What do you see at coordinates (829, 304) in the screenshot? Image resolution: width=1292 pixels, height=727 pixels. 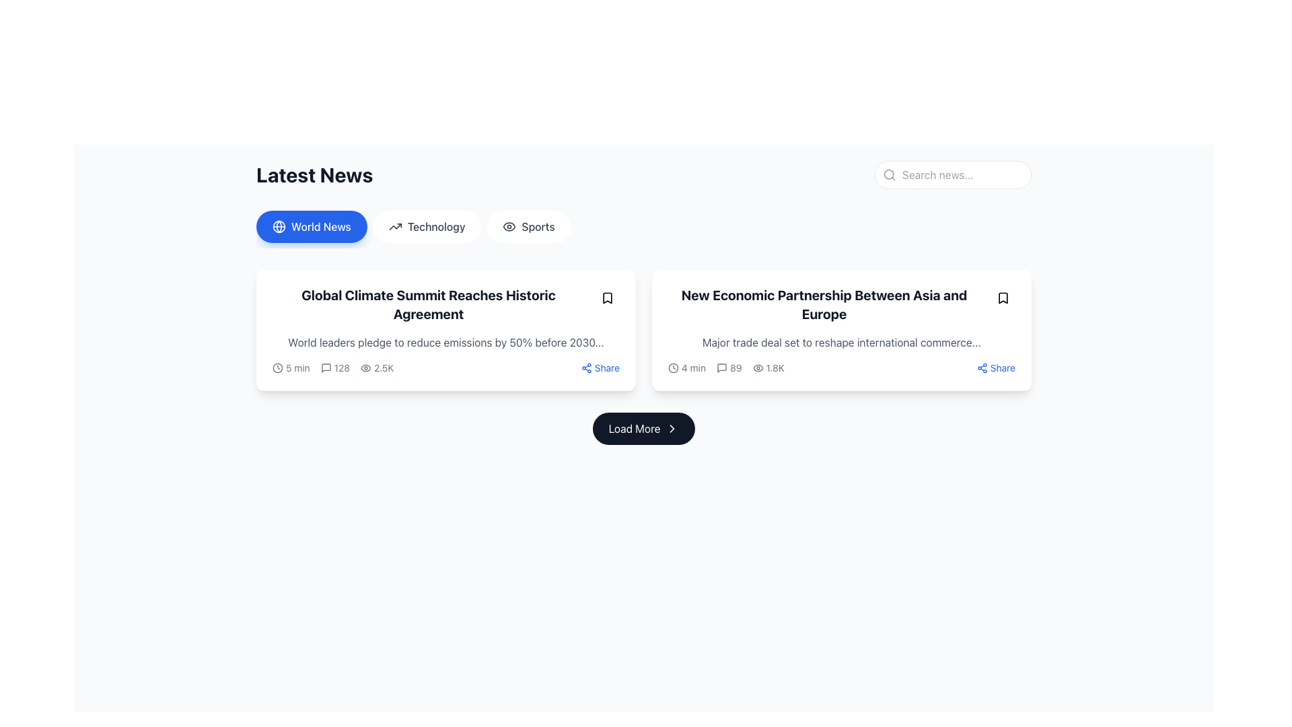 I see `prominent text label displaying 'New Economic Partnership Between Asia and Europe' located beneath the 'Latest News' section on the right side of the page` at bounding box center [829, 304].